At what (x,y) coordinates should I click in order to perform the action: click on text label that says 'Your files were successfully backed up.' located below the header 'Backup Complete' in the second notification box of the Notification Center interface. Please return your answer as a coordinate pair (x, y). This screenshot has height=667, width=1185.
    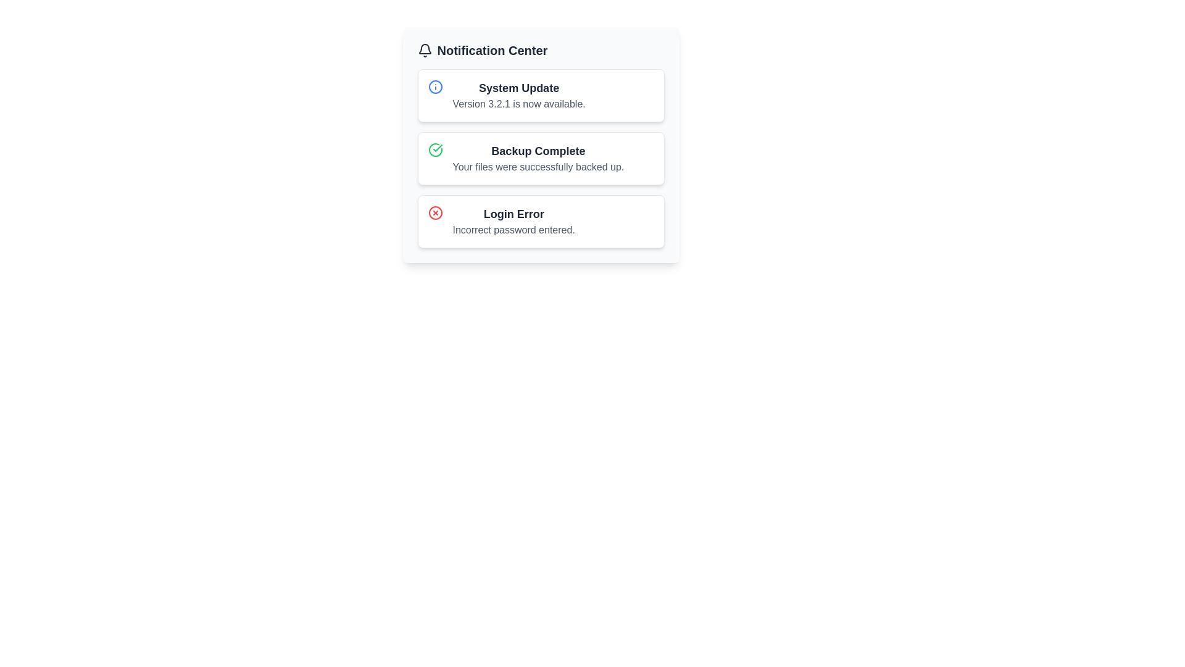
    Looking at the image, I should click on (538, 167).